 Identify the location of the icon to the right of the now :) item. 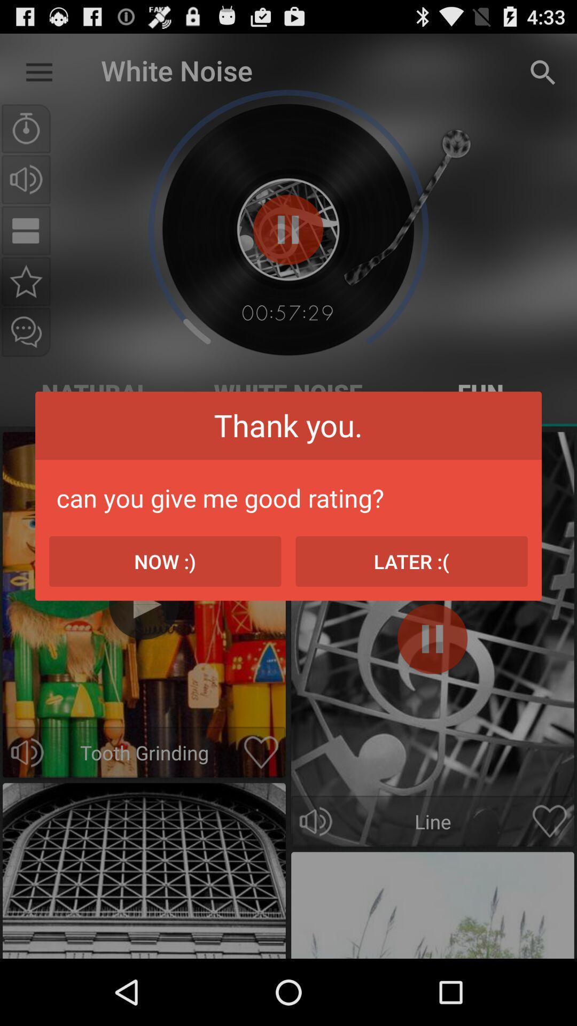
(411, 561).